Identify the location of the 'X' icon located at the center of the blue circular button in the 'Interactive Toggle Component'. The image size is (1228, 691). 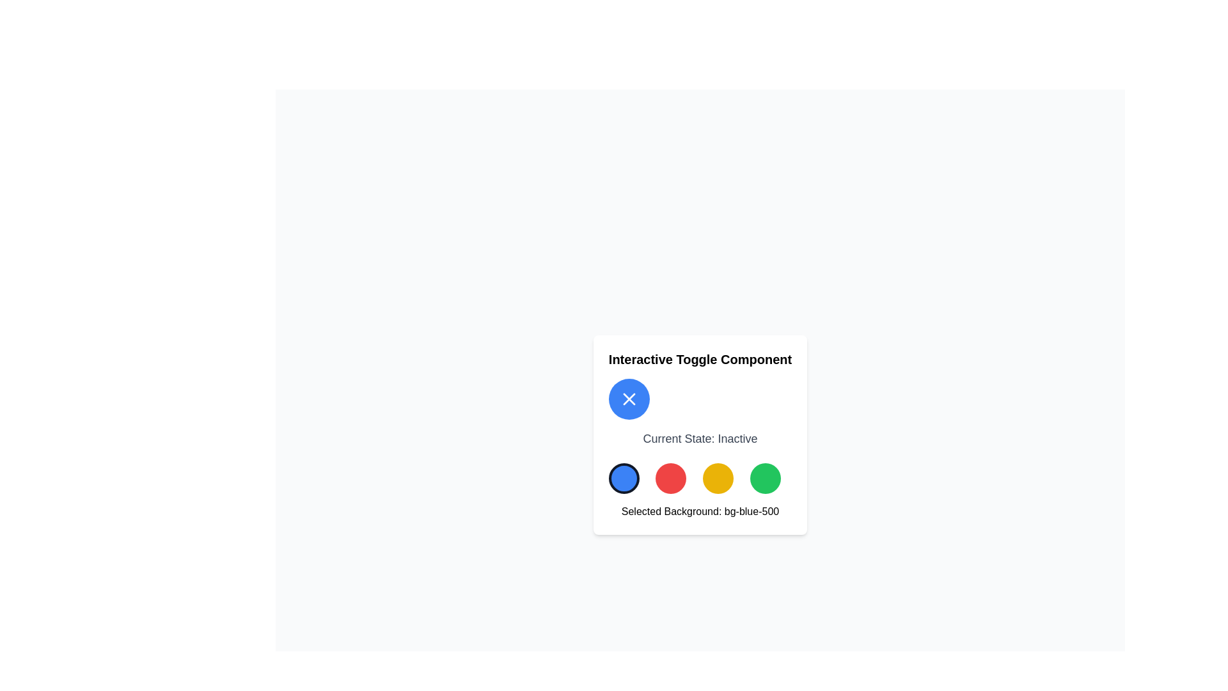
(629, 399).